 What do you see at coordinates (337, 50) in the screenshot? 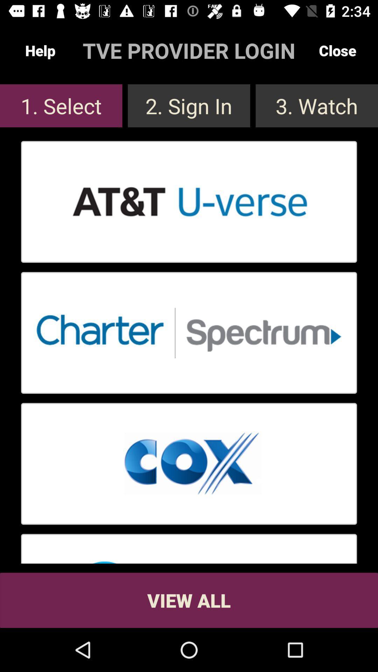
I see `the item next to tve provider login icon` at bounding box center [337, 50].